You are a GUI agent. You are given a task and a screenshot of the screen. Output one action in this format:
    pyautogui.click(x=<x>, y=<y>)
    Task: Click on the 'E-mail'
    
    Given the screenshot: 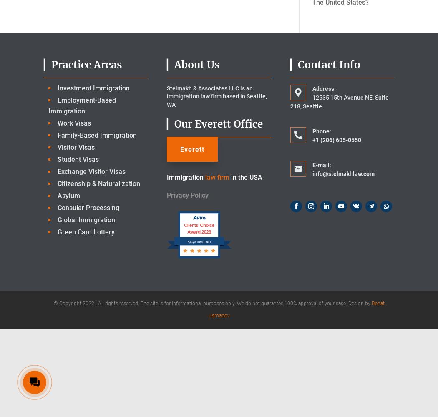 What is the action you would take?
    pyautogui.click(x=320, y=165)
    